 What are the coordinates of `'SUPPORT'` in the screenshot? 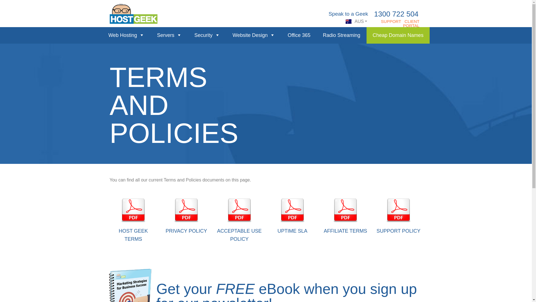 It's located at (391, 21).